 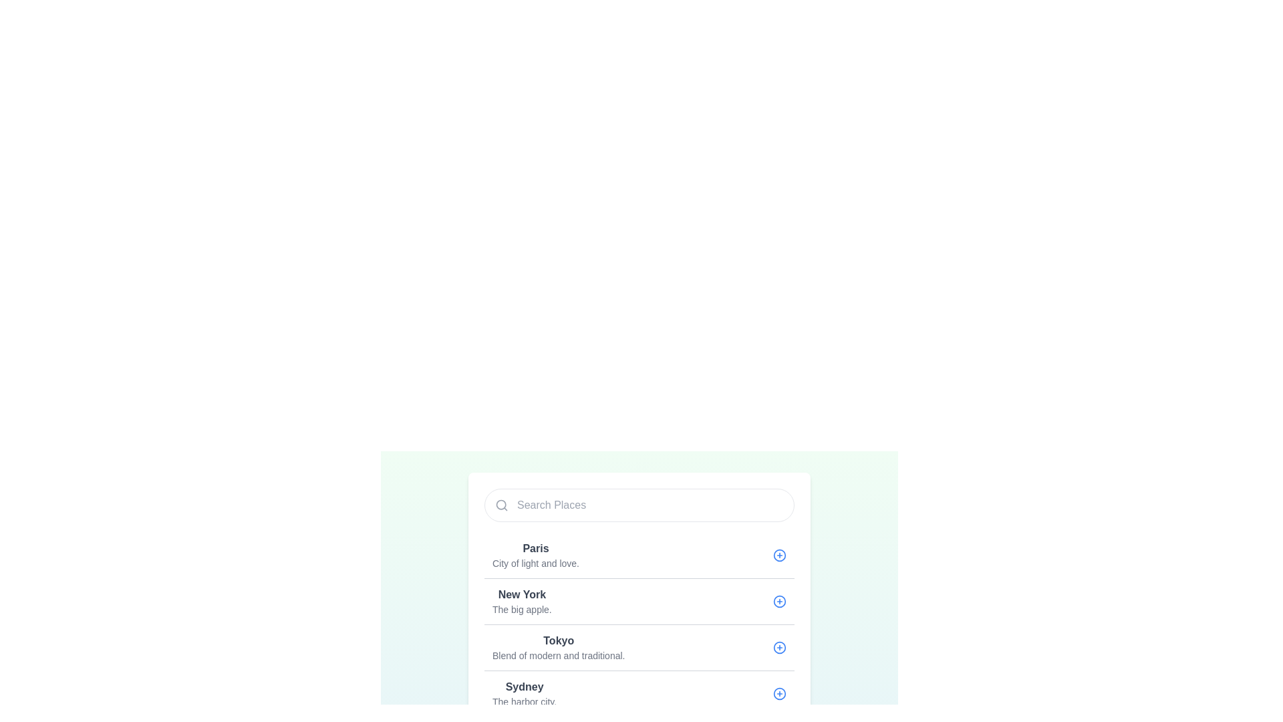 What do you see at coordinates (501, 505) in the screenshot?
I see `the magnifying glass icon, which is styled in light gray and positioned on the left side of a rounded rectangle input field` at bounding box center [501, 505].